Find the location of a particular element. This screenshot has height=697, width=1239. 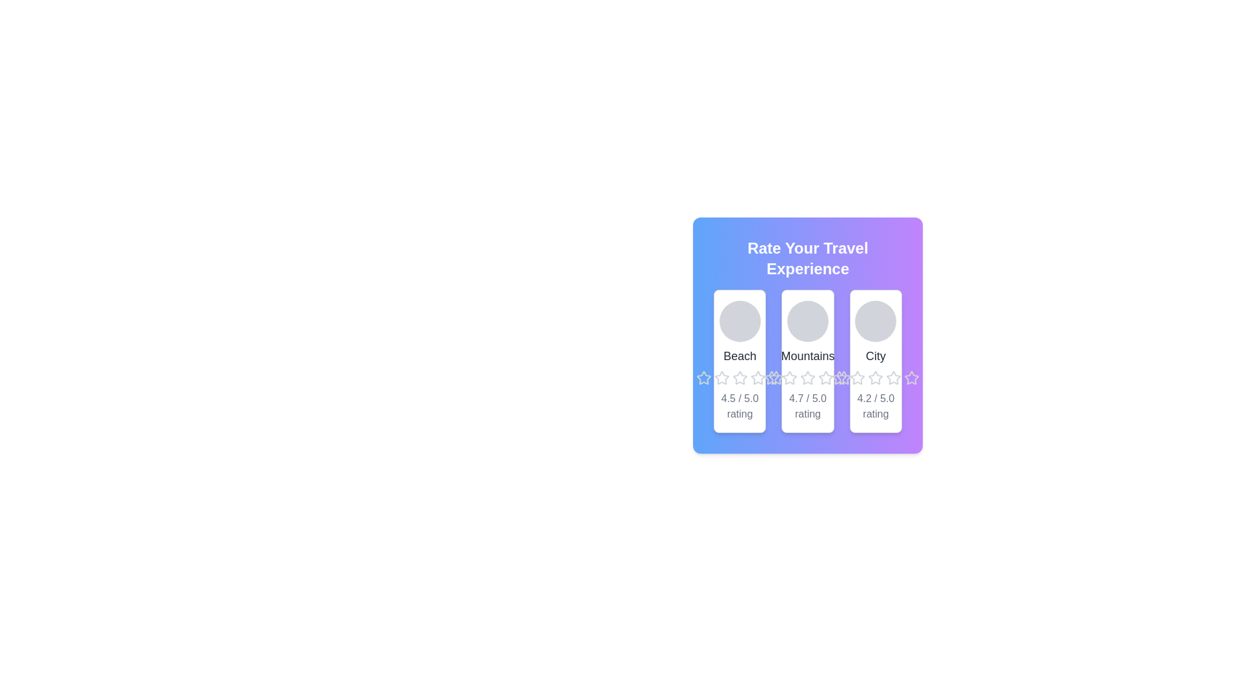

the second star icon in the rating component under the 'Beach' card is located at coordinates (740, 378).